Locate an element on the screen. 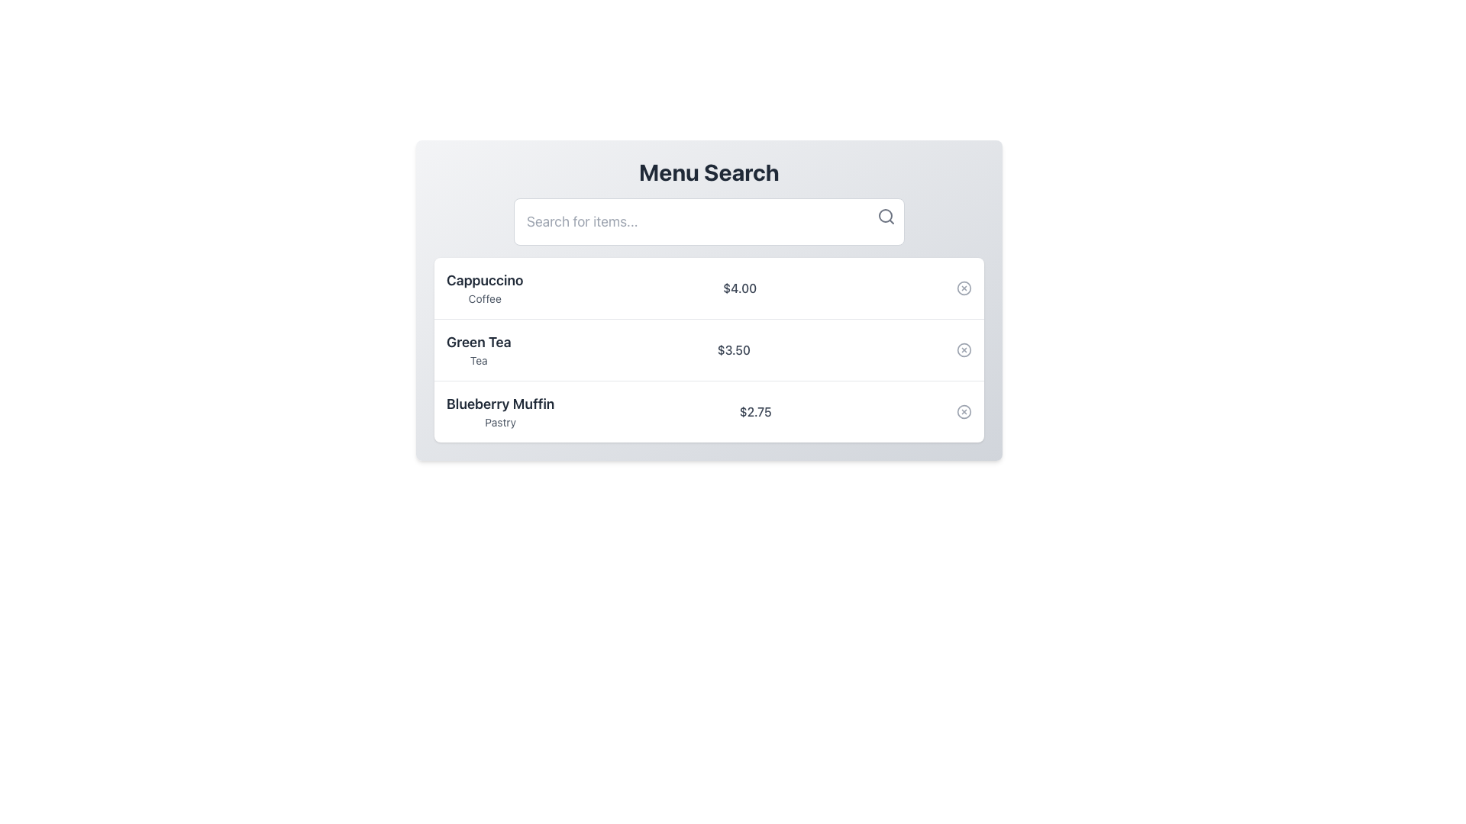  the supplementary descriptive text located below the main heading 'Green Tea' in the second item row of the 'Menu Search' interface is located at coordinates (478, 361).